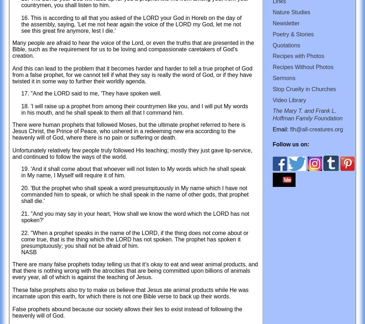  What do you see at coordinates (272, 56) in the screenshot?
I see `'Recipes with Photos'` at bounding box center [272, 56].